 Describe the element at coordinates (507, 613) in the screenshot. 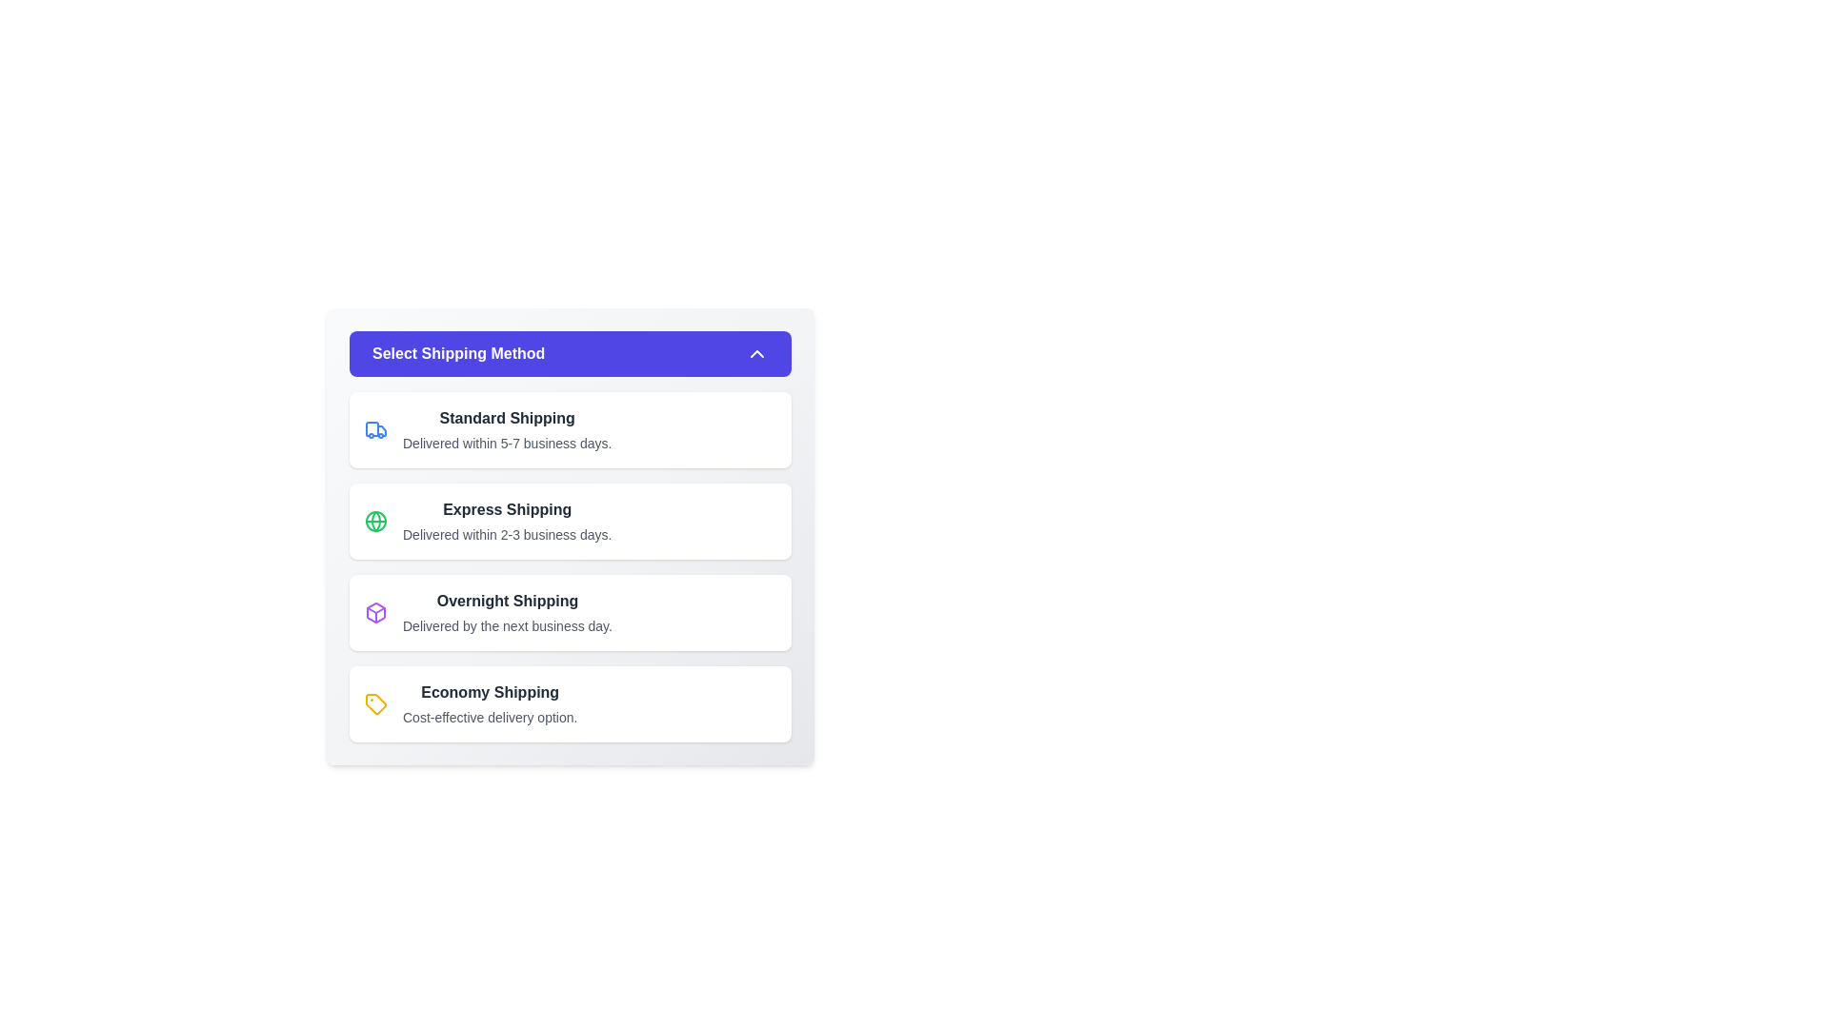

I see `the text block titled 'Overnight Shipping' that contains the subtitle 'Delivered by the next business day', which is the third option in the shipping list` at that location.